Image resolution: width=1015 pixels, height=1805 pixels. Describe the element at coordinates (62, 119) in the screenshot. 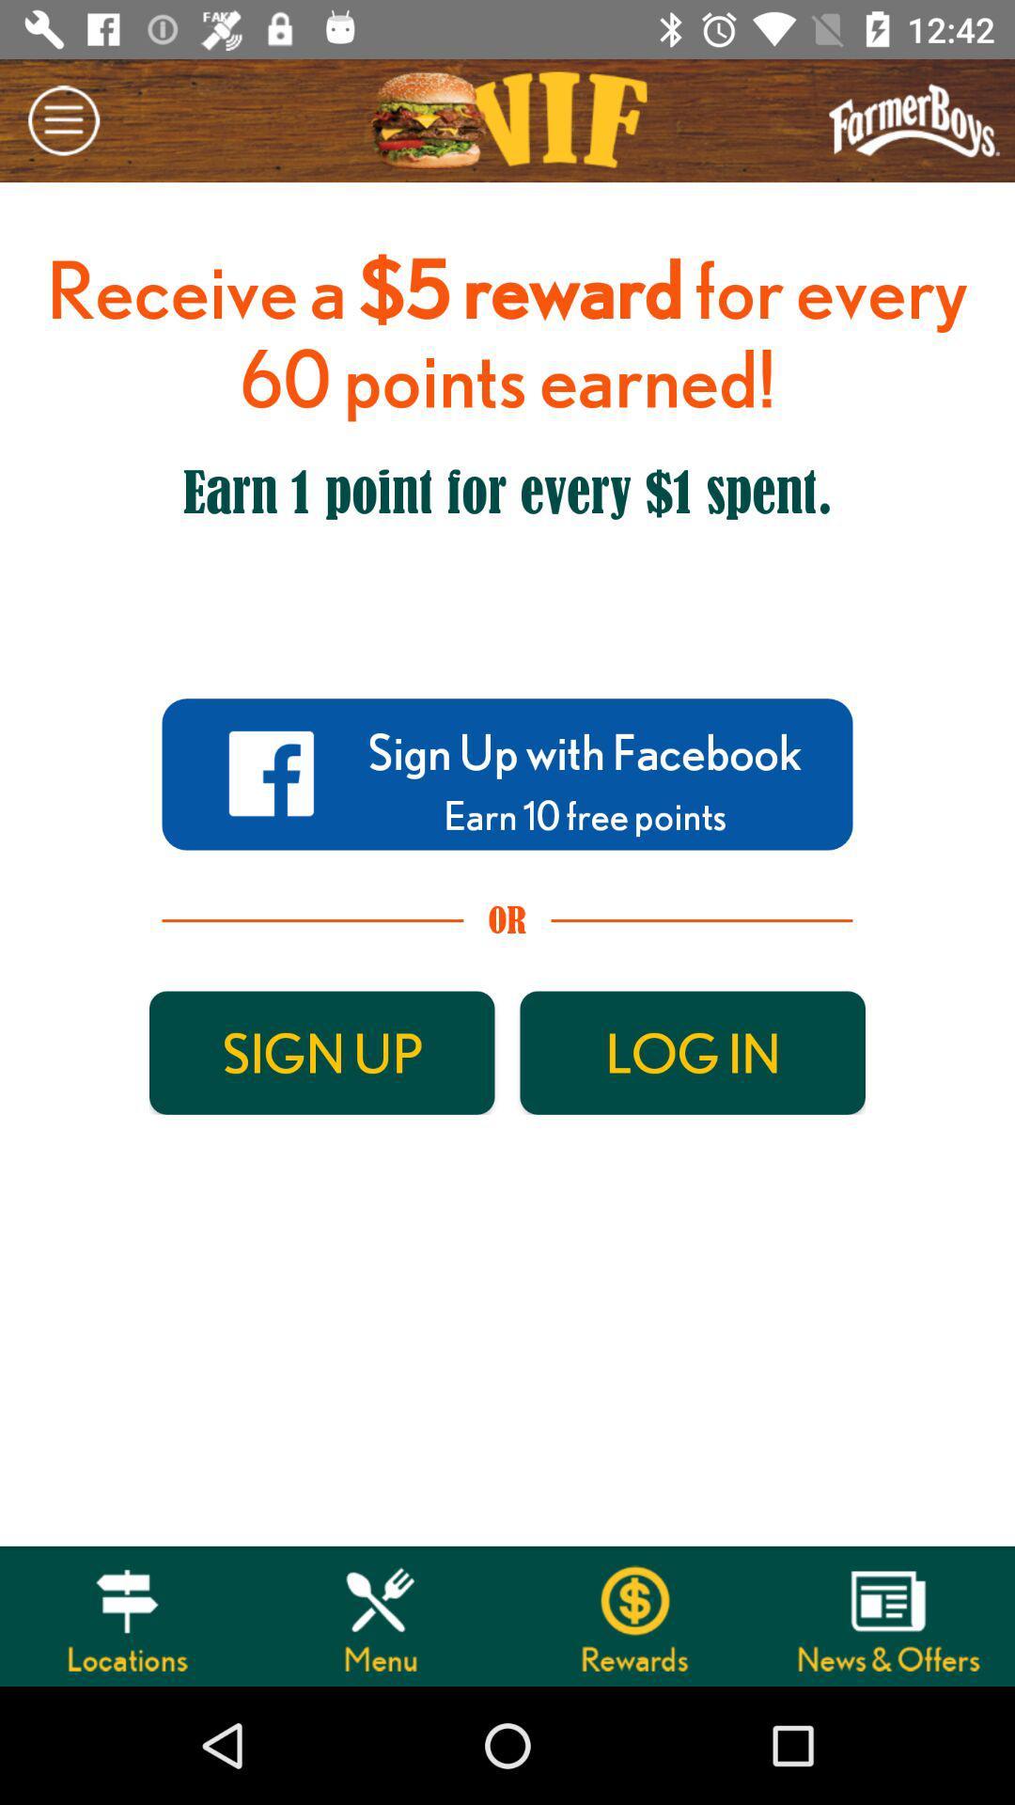

I see `the minus icon` at that location.